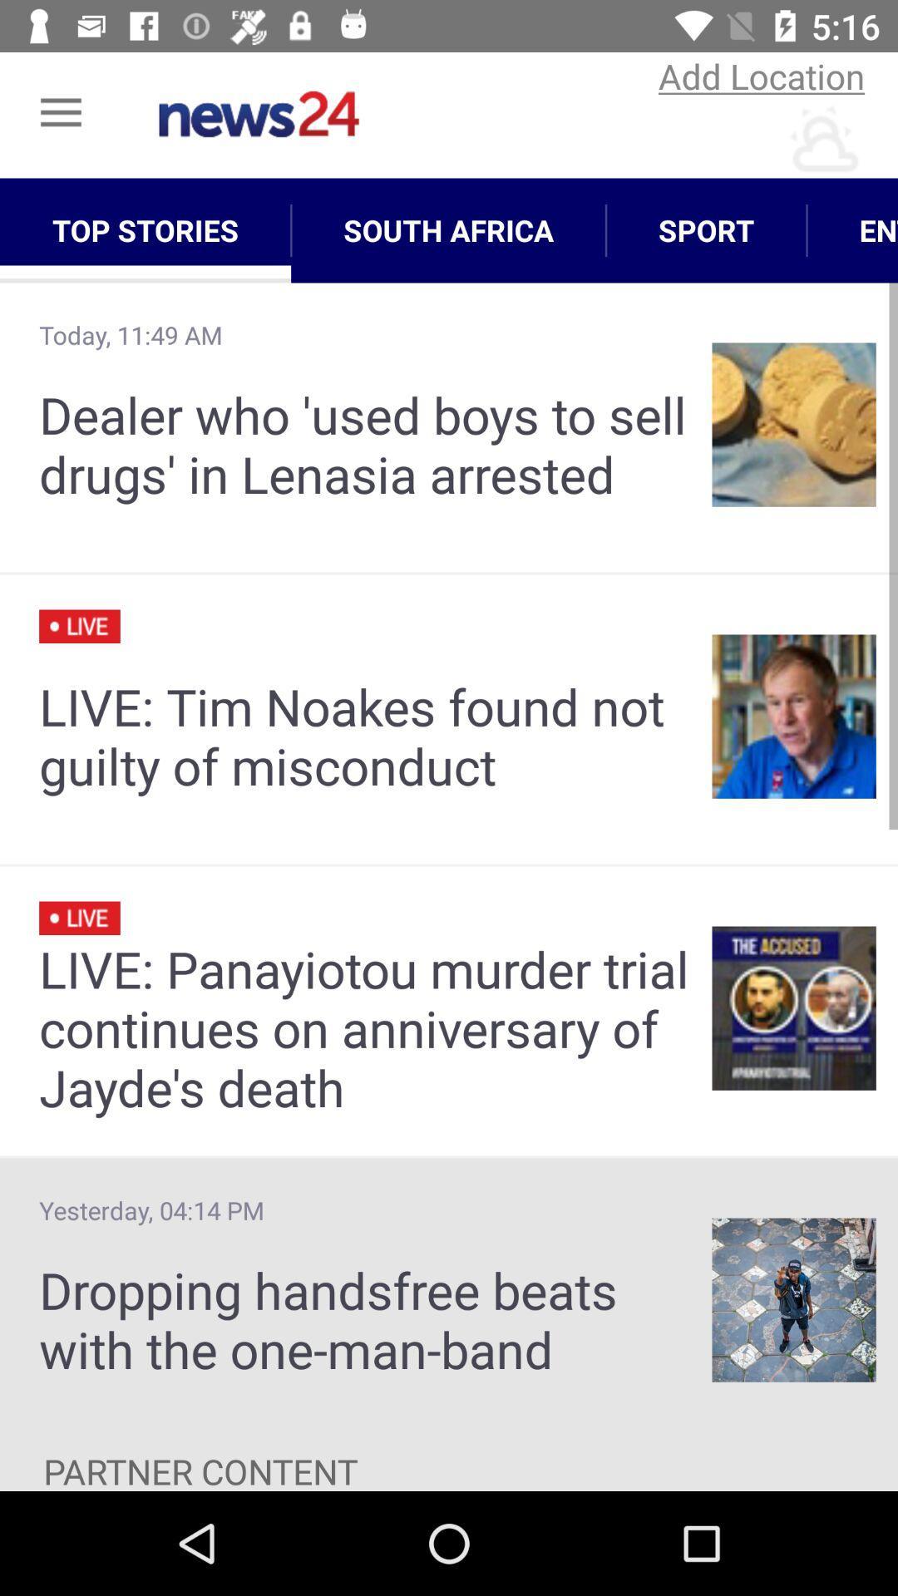 The height and width of the screenshot is (1596, 898). Describe the element at coordinates (706, 229) in the screenshot. I see `the icon to the left of entertainment` at that location.